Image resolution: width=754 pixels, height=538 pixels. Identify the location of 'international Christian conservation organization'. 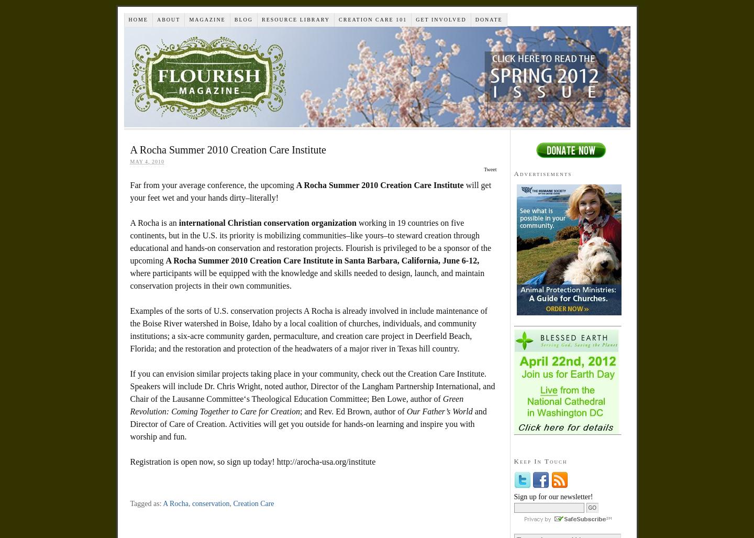
(267, 222).